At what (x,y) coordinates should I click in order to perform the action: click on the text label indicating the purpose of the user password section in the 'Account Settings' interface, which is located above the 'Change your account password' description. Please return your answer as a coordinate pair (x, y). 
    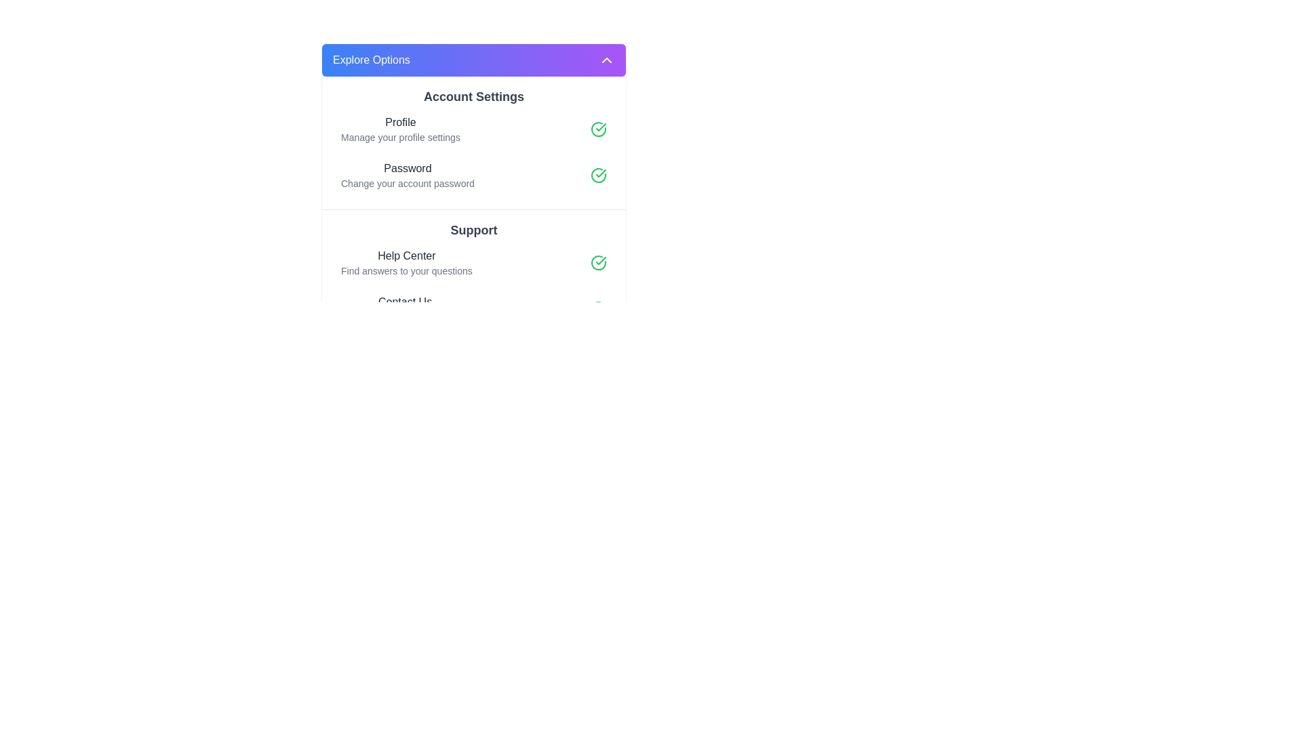
    Looking at the image, I should click on (407, 168).